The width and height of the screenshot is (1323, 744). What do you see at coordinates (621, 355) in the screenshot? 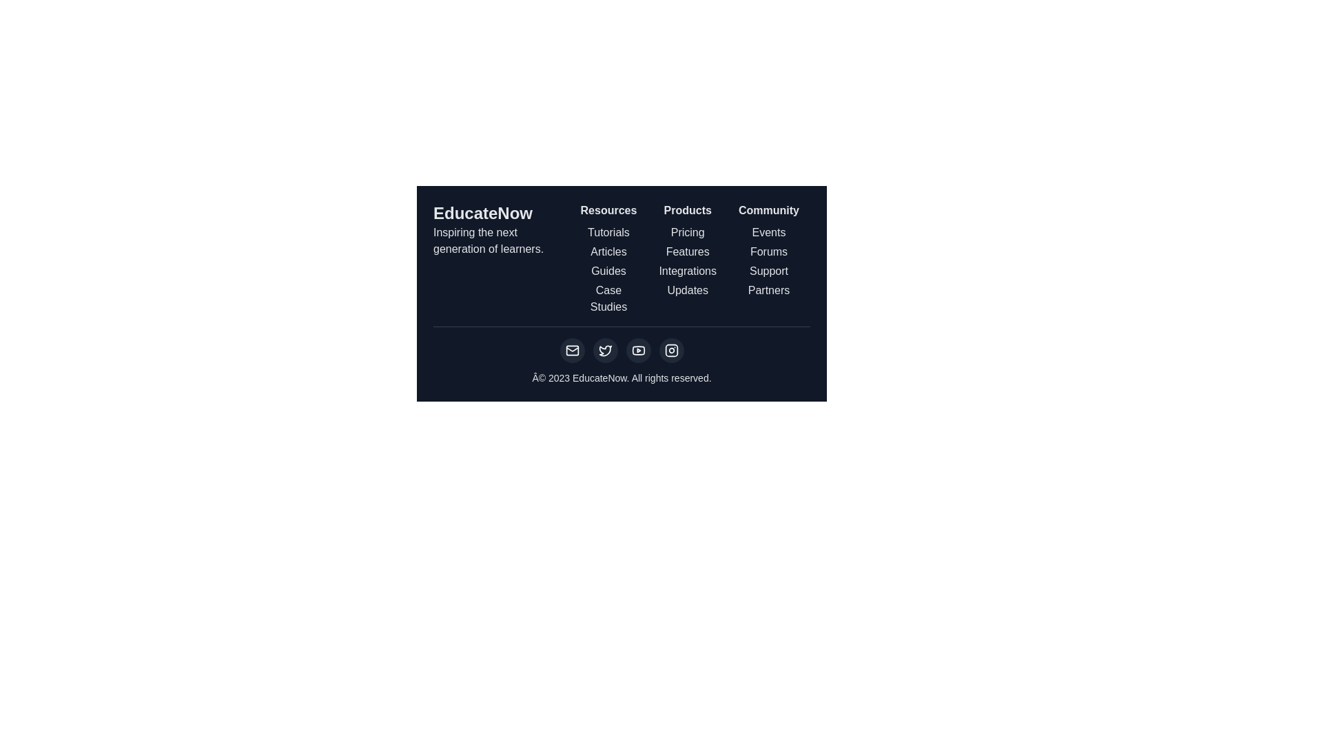
I see `the social media icons located in the footer section of the interface` at bounding box center [621, 355].